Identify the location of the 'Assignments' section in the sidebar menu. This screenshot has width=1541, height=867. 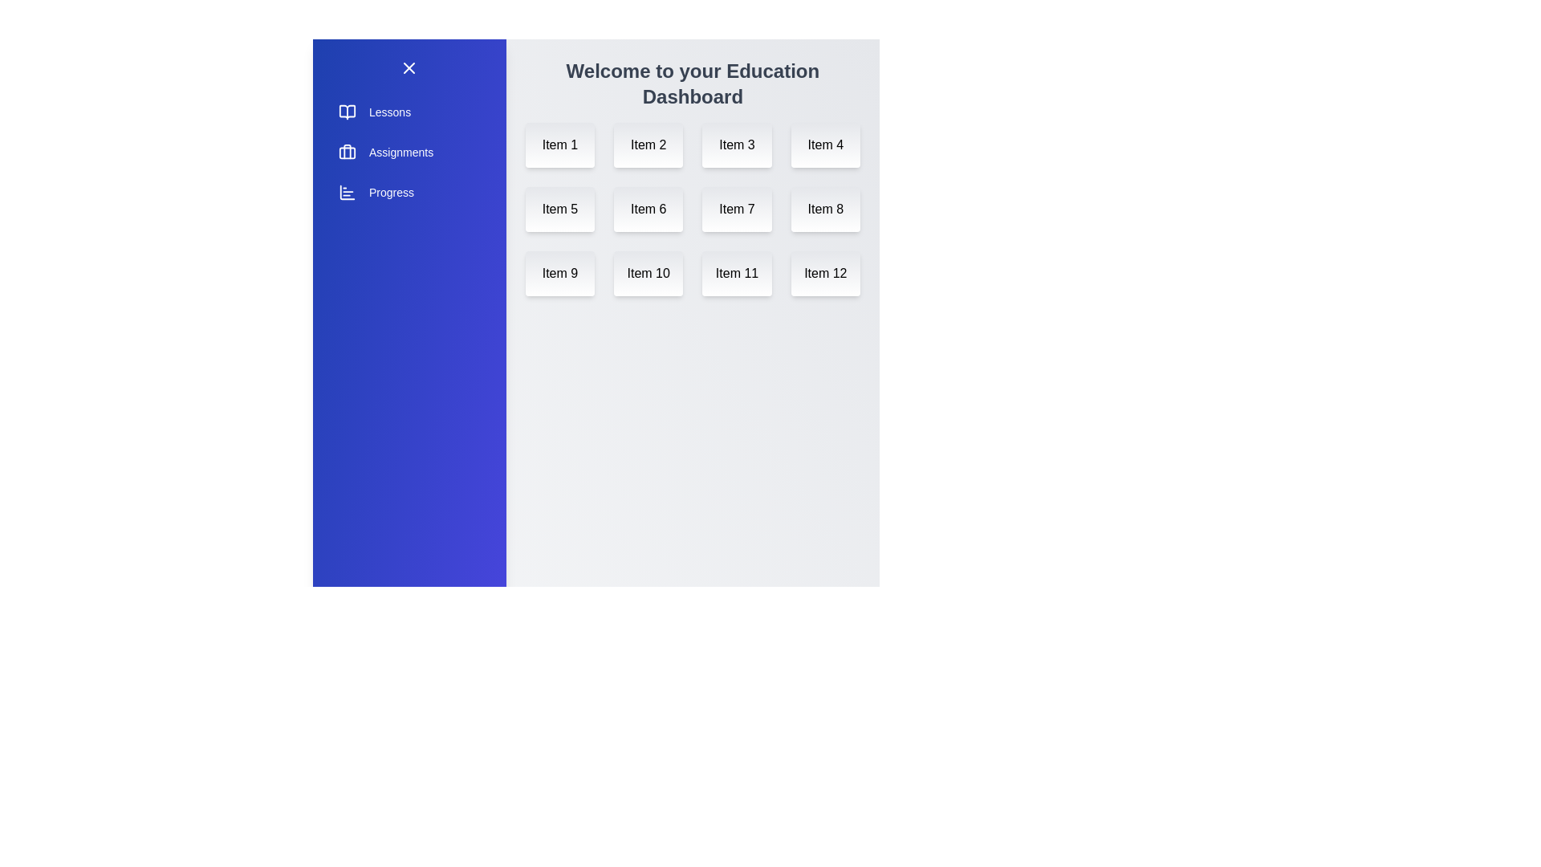
(409, 152).